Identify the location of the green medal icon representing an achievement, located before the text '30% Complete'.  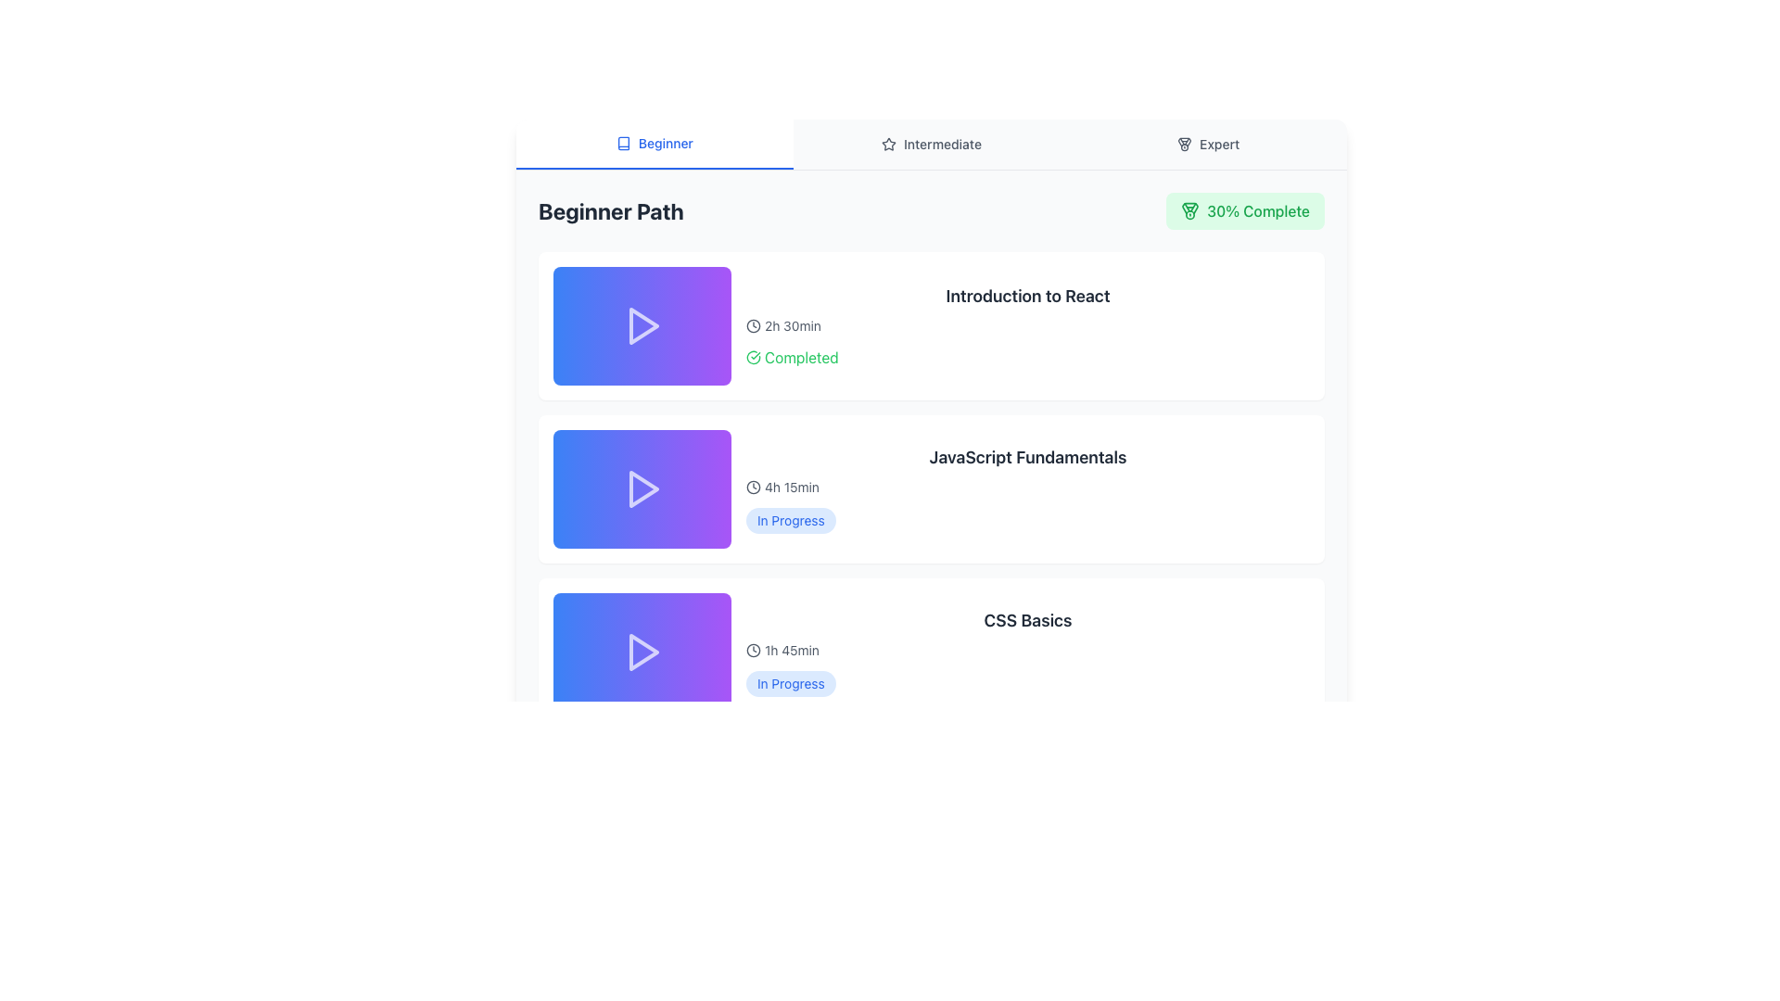
(1190, 209).